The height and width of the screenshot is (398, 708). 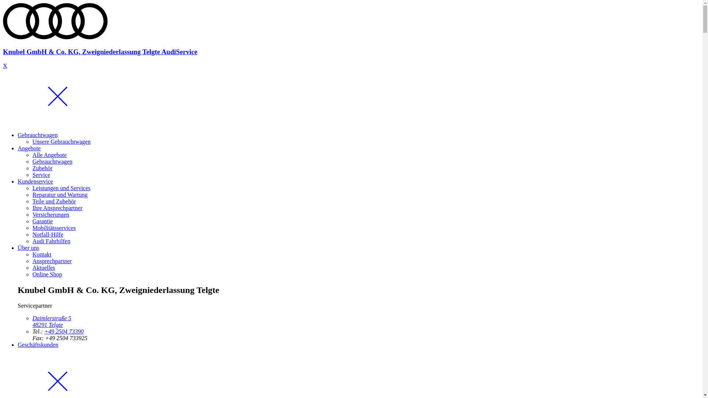 I want to click on 'Gebrauchtwagen', so click(x=52, y=161).